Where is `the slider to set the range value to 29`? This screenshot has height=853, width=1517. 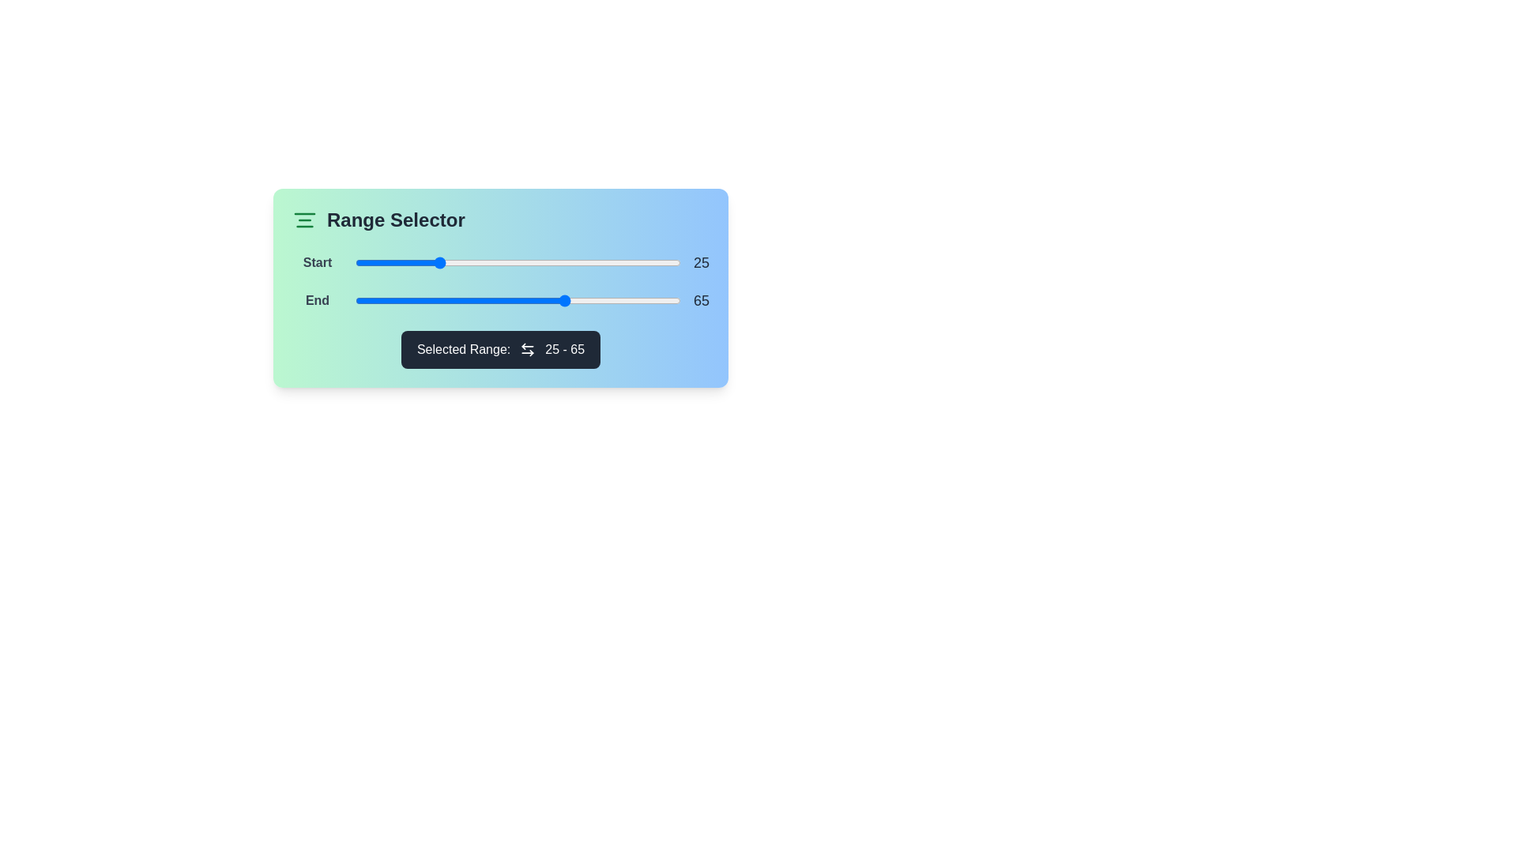 the slider to set the range value to 29 is located at coordinates (449, 261).